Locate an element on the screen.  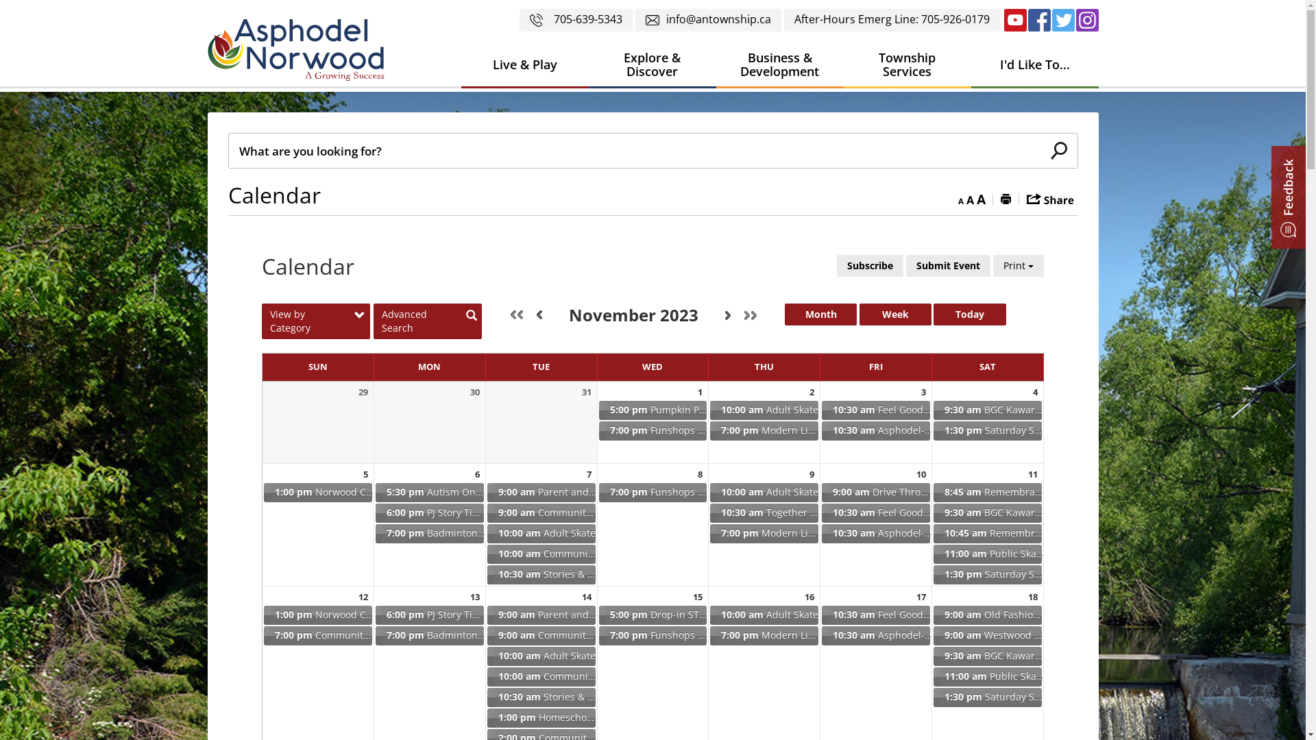
'10:30 am Feel Good Fridays' is located at coordinates (875, 409).